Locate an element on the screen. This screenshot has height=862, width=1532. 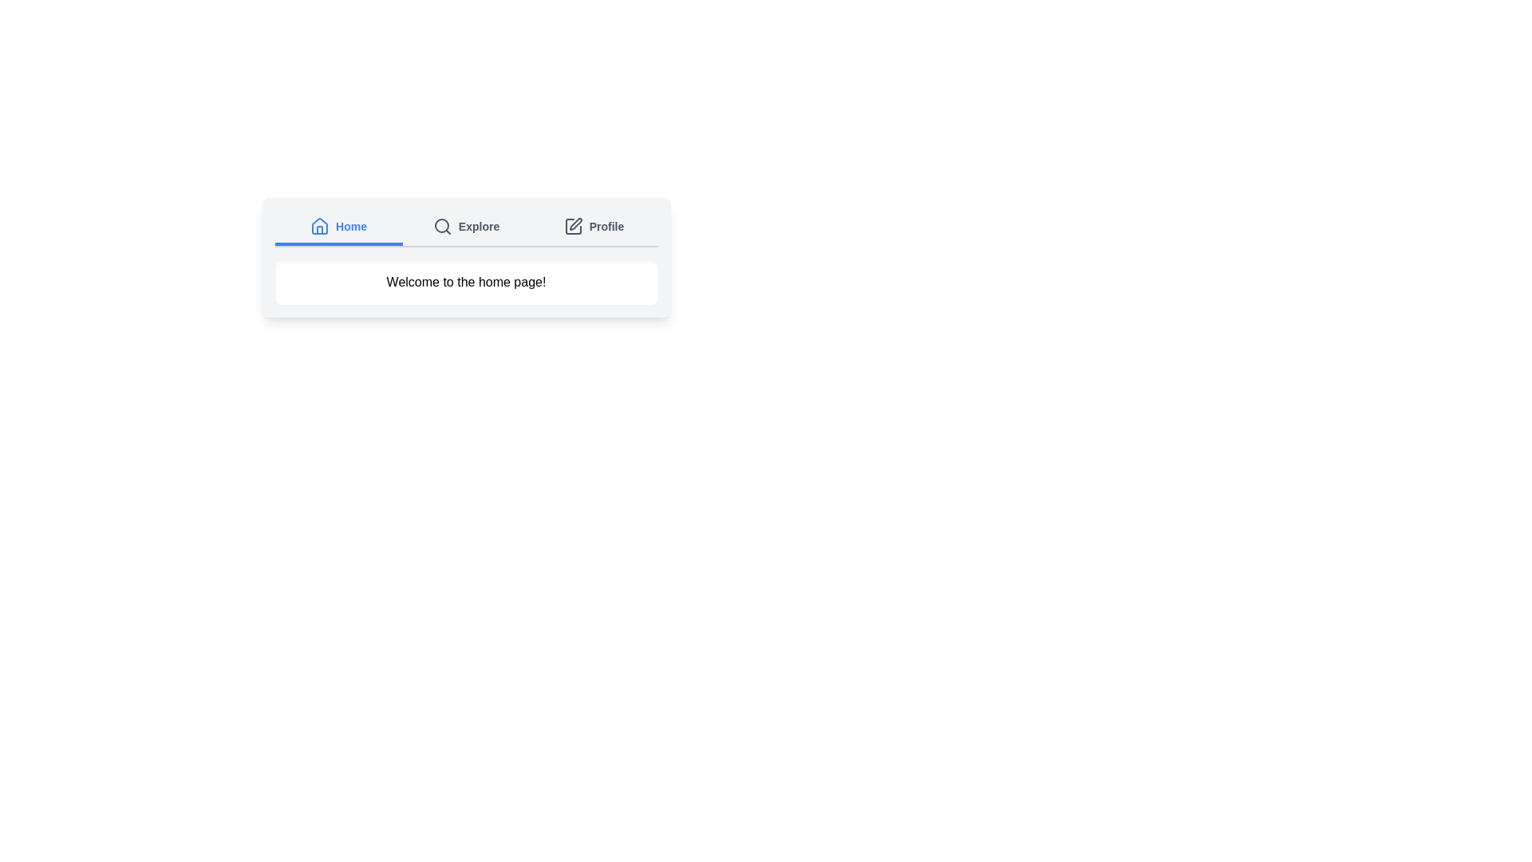
the tab icon corresponding to Explore is located at coordinates (442, 227).